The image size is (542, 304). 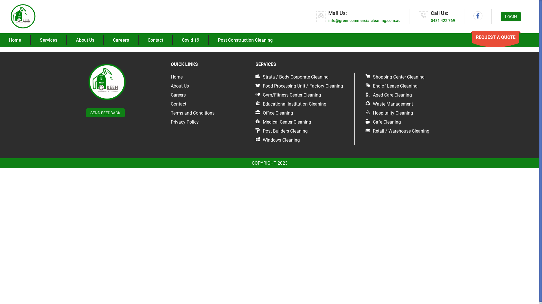 What do you see at coordinates (366, 77) in the screenshot?
I see `'Shopping Center Cleaning'` at bounding box center [366, 77].